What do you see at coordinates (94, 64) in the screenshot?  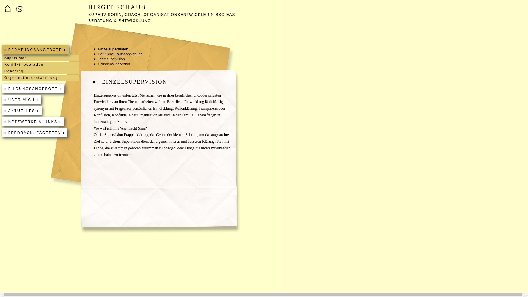 I see `'Gruppensupervision'` at bounding box center [94, 64].